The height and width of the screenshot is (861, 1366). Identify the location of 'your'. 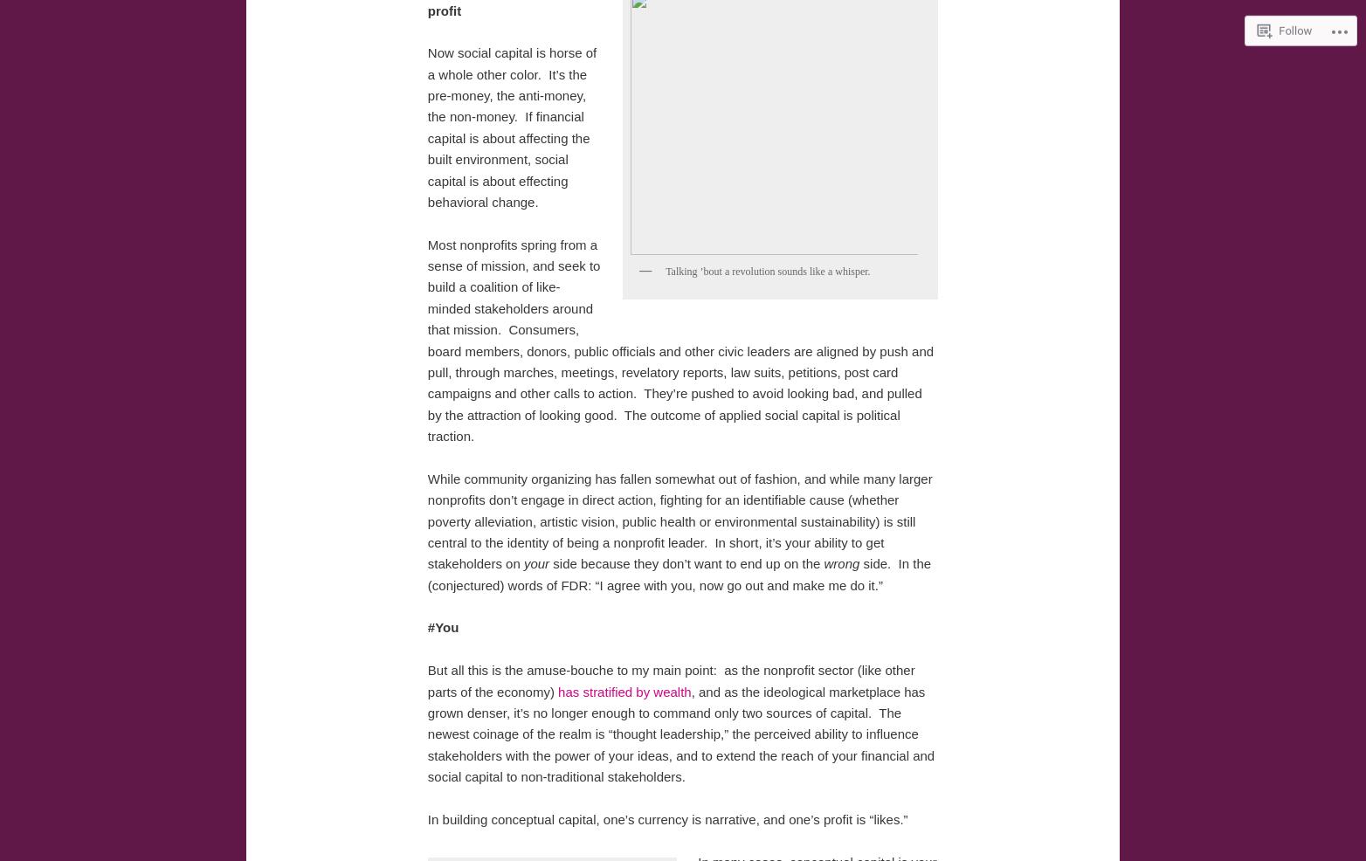
(535, 563).